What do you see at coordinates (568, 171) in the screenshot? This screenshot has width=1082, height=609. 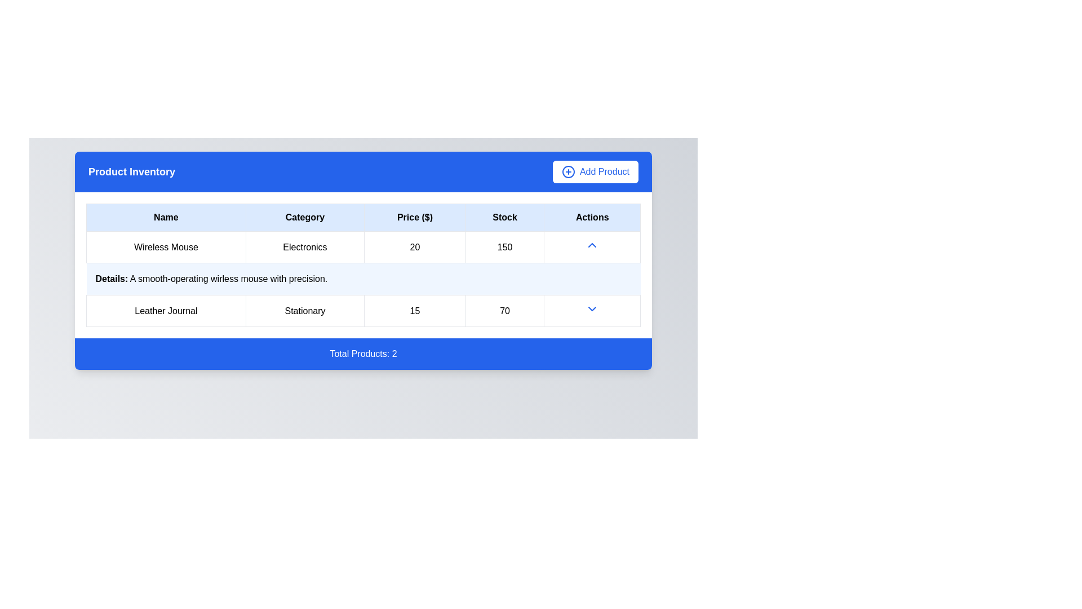 I see `the circular graphical component of the 'Add Product' button, which is part of a plus symbol icon located in the upper-right section of the blue header bar` at bounding box center [568, 171].